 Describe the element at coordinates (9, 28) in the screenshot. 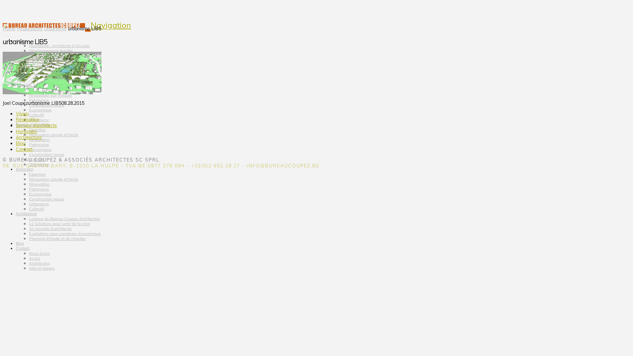

I see `'Home'` at that location.